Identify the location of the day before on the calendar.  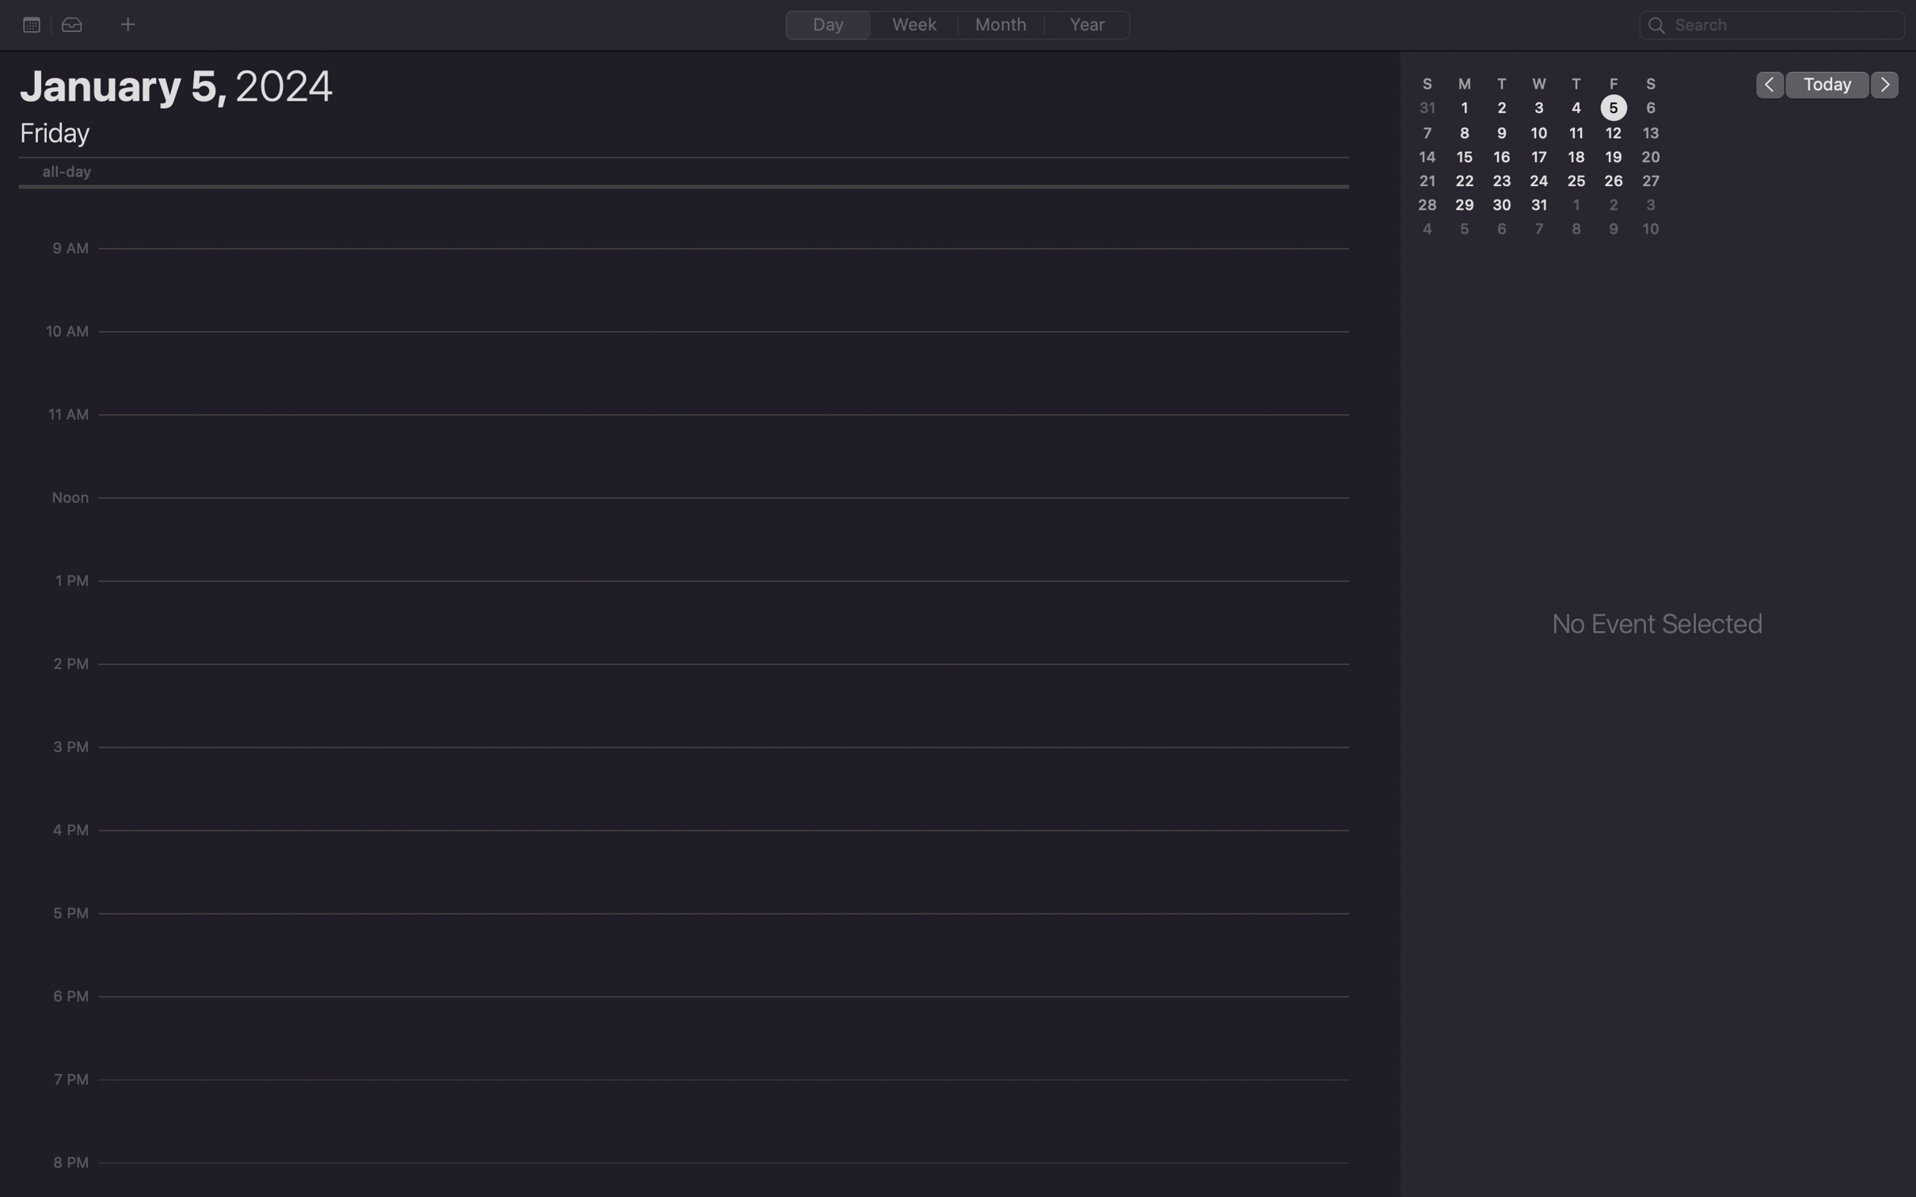
(1768, 83).